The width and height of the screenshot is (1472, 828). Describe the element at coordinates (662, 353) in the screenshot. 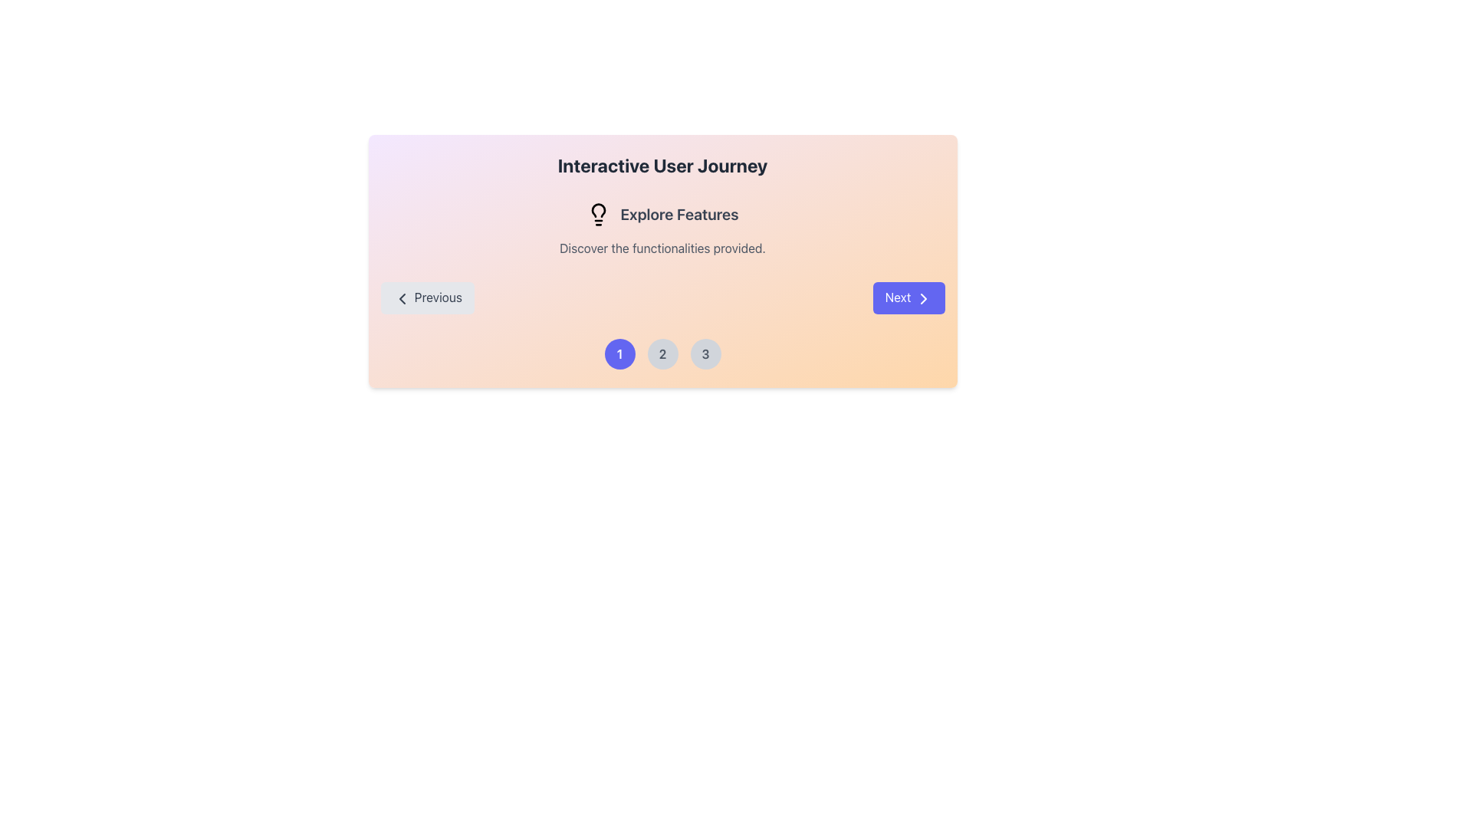

I see `the second circular button in the horizontal row under the 'Explore Features' header` at that location.